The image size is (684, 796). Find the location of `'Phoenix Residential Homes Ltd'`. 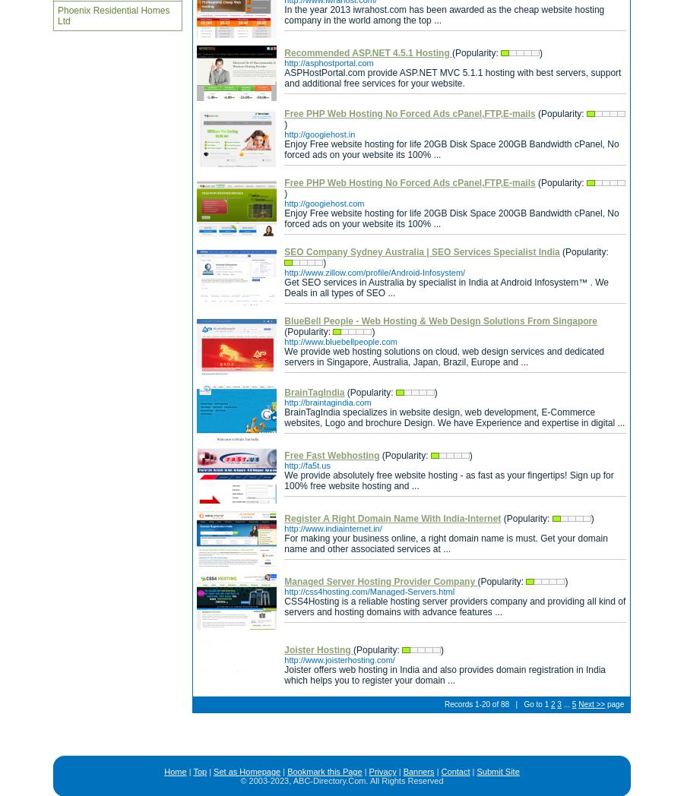

'Phoenix Residential Homes Ltd' is located at coordinates (113, 14).